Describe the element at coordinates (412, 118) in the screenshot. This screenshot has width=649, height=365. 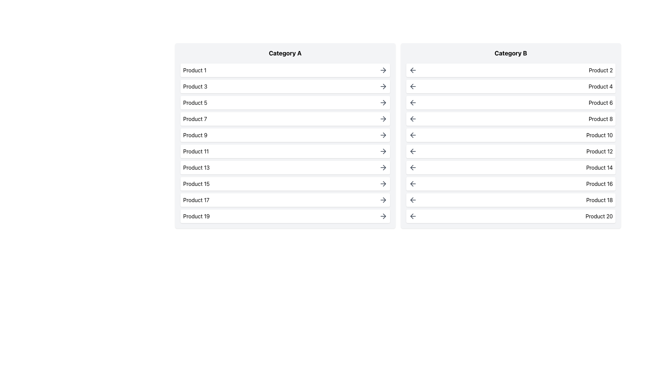
I see `the left-pointing arrow button styled with gray color in the 'Product 8' row` at that location.